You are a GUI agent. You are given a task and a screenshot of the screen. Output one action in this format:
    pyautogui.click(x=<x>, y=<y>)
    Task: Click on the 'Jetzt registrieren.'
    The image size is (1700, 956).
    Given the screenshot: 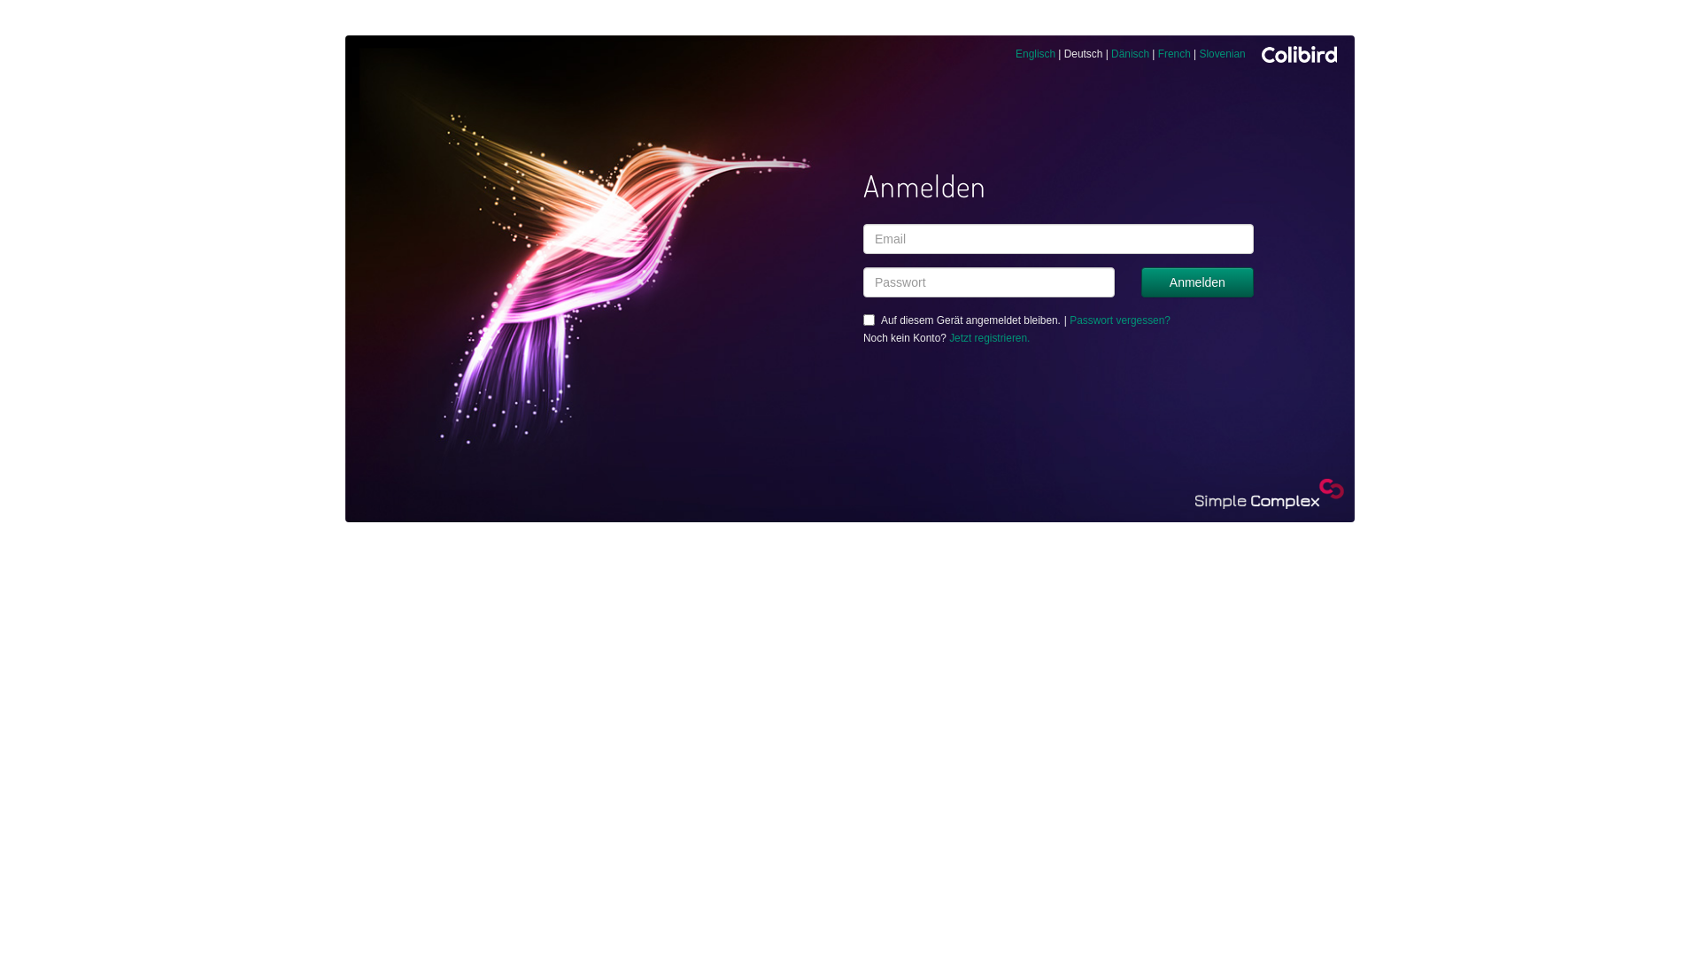 What is the action you would take?
    pyautogui.click(x=988, y=337)
    